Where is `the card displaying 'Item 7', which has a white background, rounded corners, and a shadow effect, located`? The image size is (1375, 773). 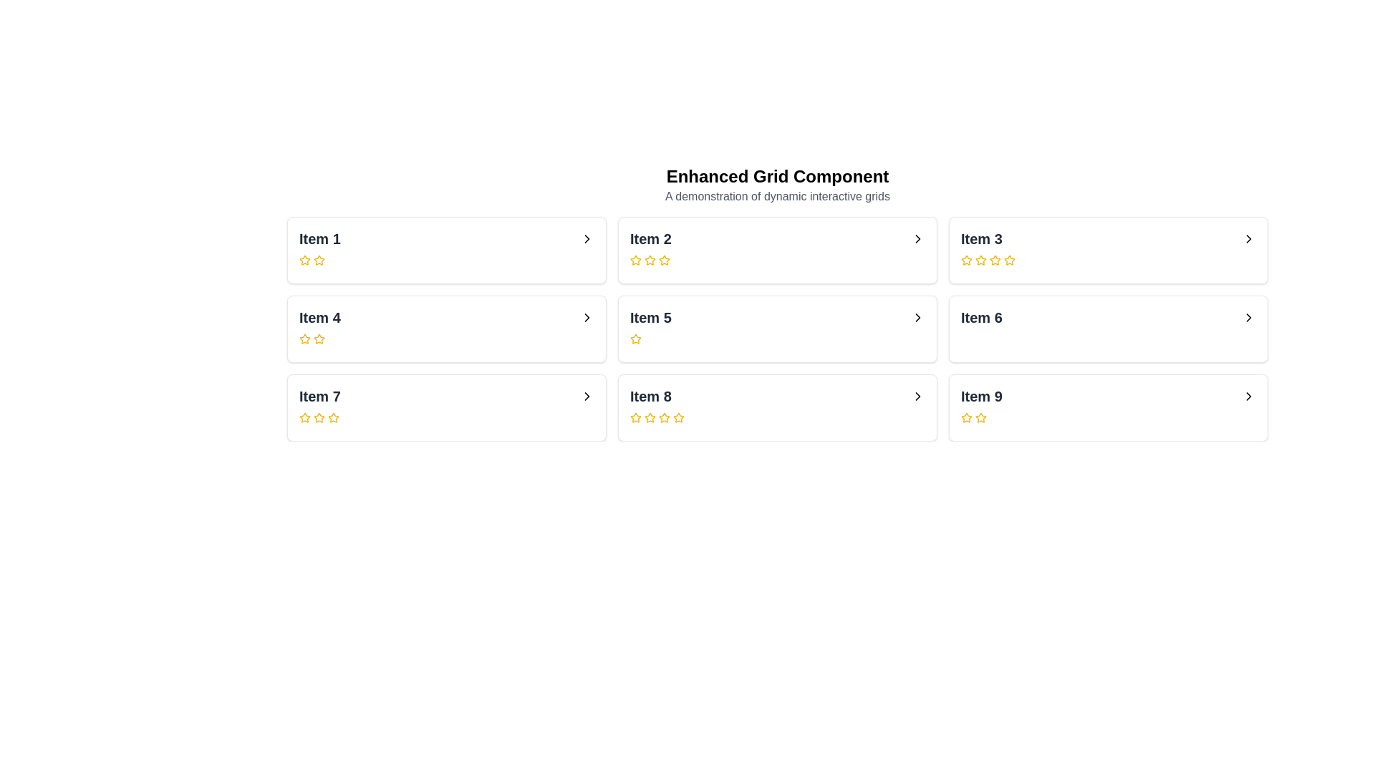 the card displaying 'Item 7', which has a white background, rounded corners, and a shadow effect, located is located at coordinates (446, 408).